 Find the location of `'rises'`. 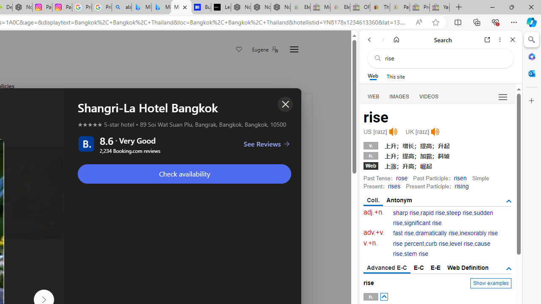

'rises' is located at coordinates (393, 186).